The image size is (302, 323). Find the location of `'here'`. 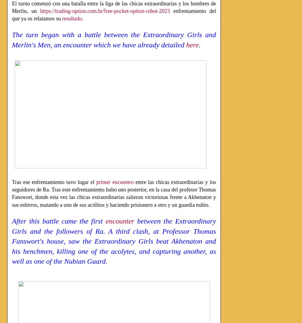

'here' is located at coordinates (186, 45).